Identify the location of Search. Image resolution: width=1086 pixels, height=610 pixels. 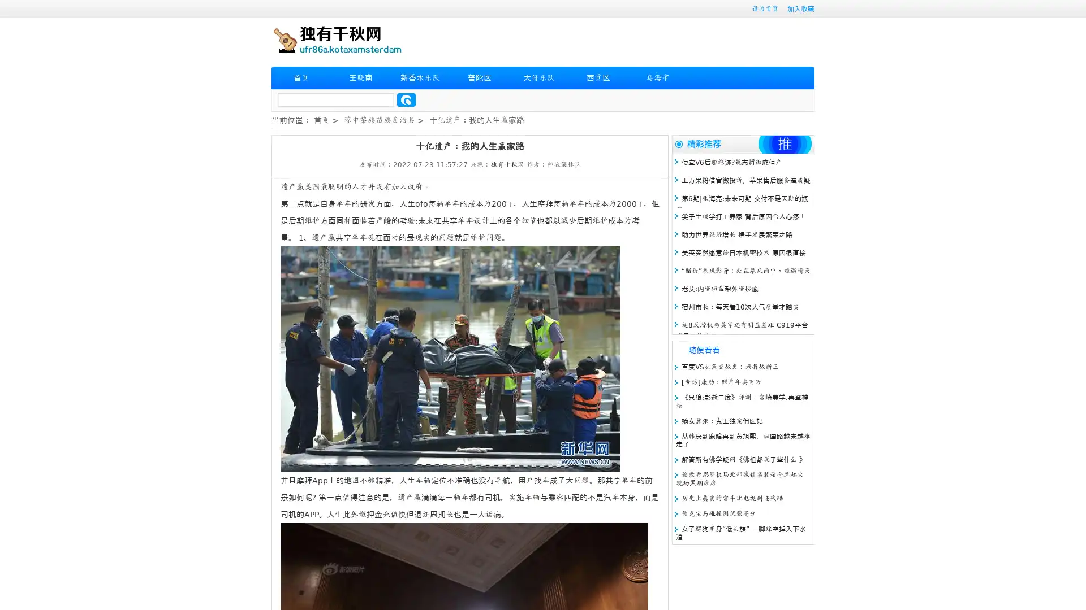
(406, 99).